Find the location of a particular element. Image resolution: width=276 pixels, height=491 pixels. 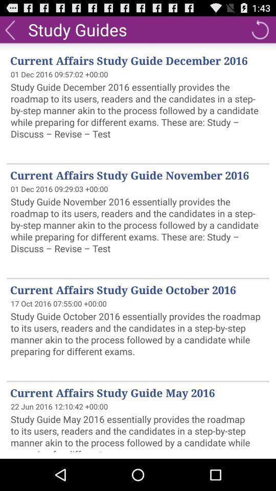

refresh is located at coordinates (260, 29).